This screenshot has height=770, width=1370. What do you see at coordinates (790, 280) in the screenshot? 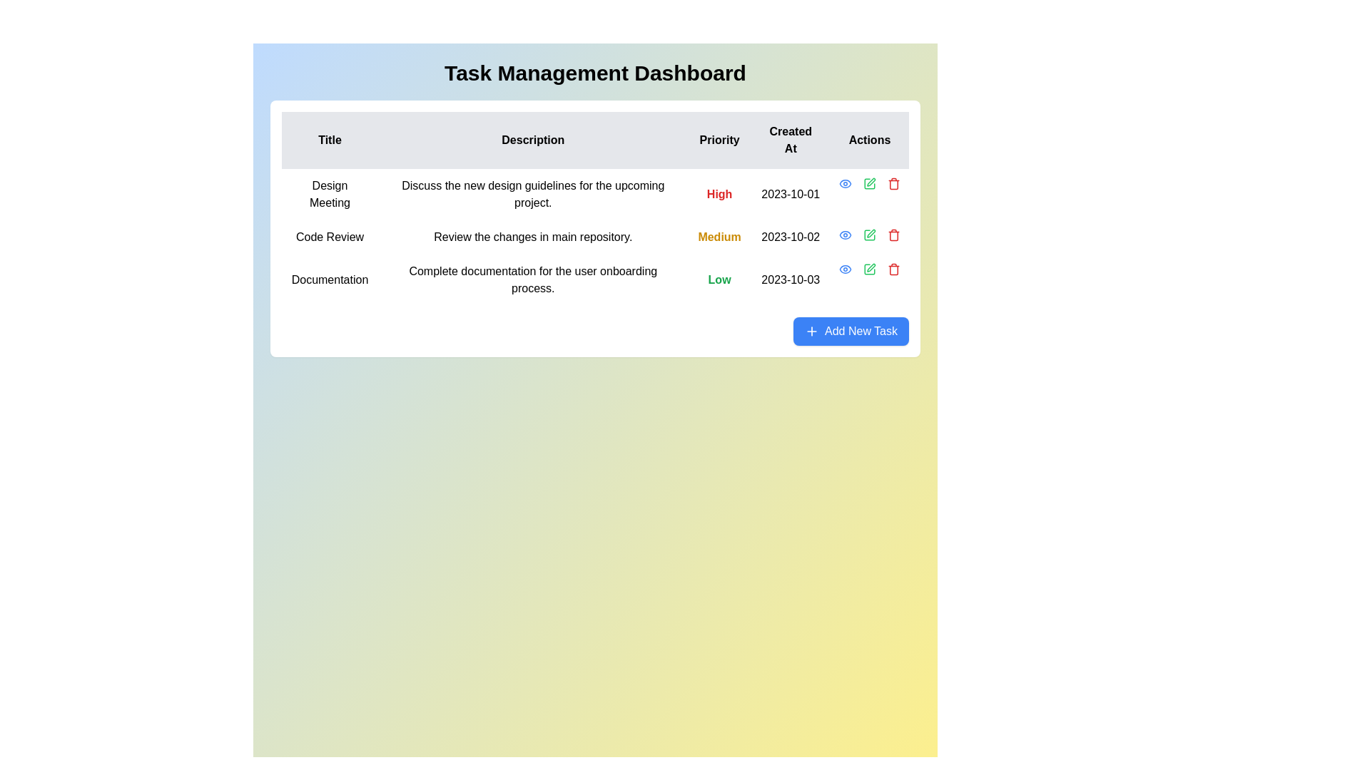
I see `the static text element displaying the creation date of the task in the 'Created At' column of the third row in the table for the 'Documentation' entry` at bounding box center [790, 280].